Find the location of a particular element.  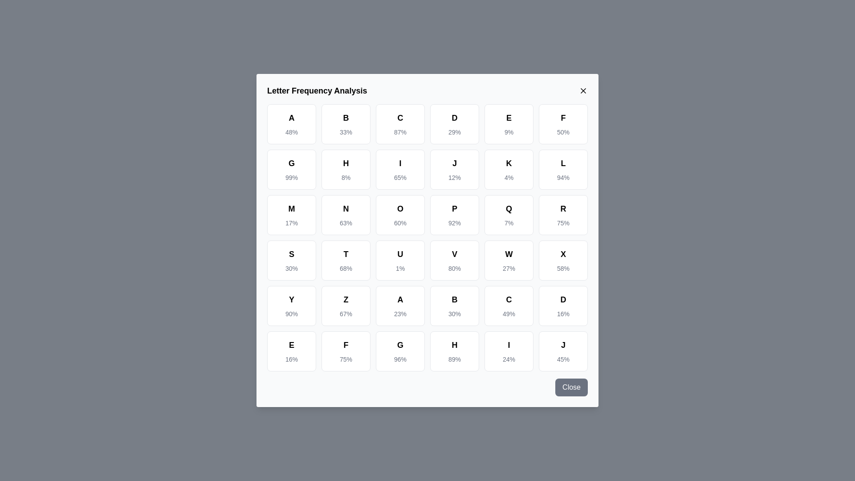

the letter cell corresponding to W is located at coordinates (509, 261).